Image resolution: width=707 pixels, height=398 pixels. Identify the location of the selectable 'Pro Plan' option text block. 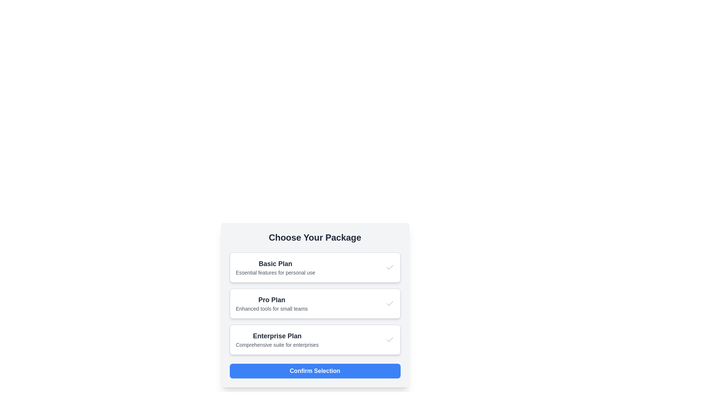
(271, 304).